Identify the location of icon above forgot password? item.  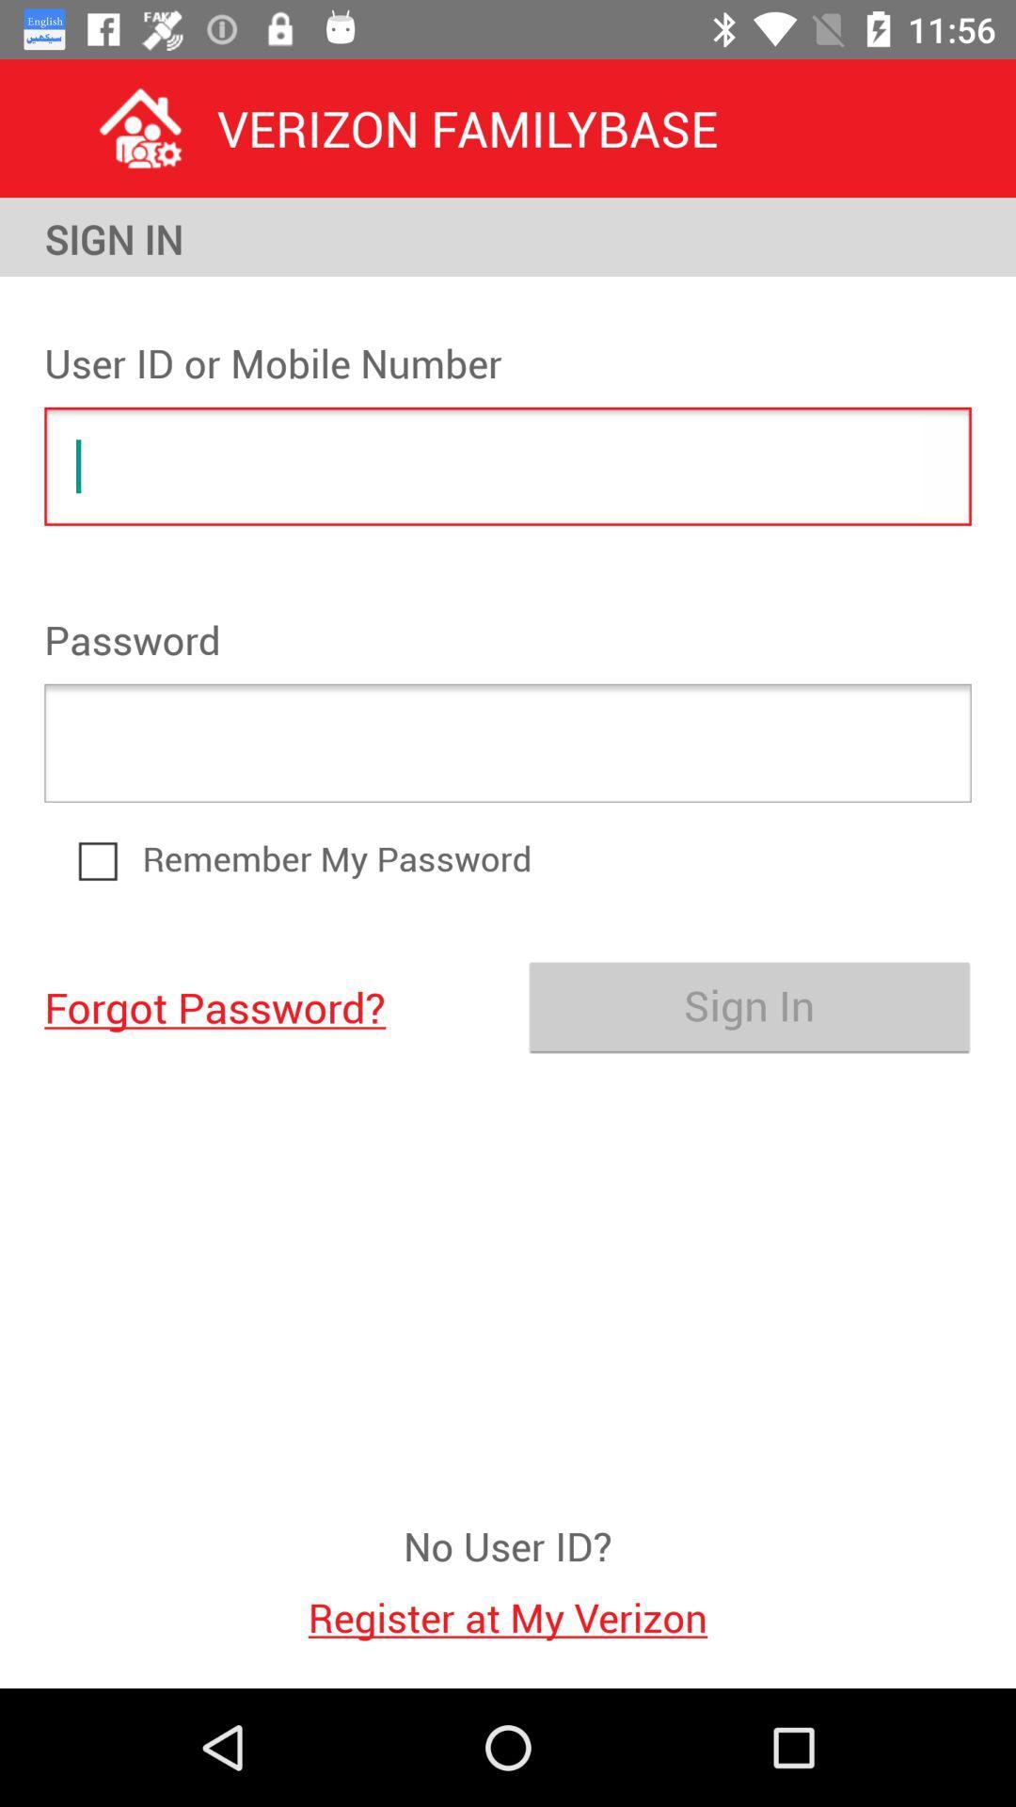
(98, 860).